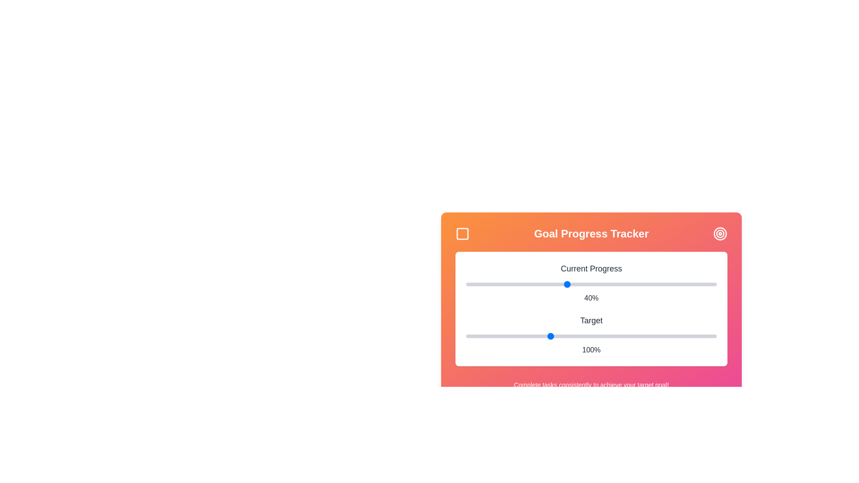  Describe the element at coordinates (664, 284) in the screenshot. I see `the 'Current Progress' slider to 79%` at that location.